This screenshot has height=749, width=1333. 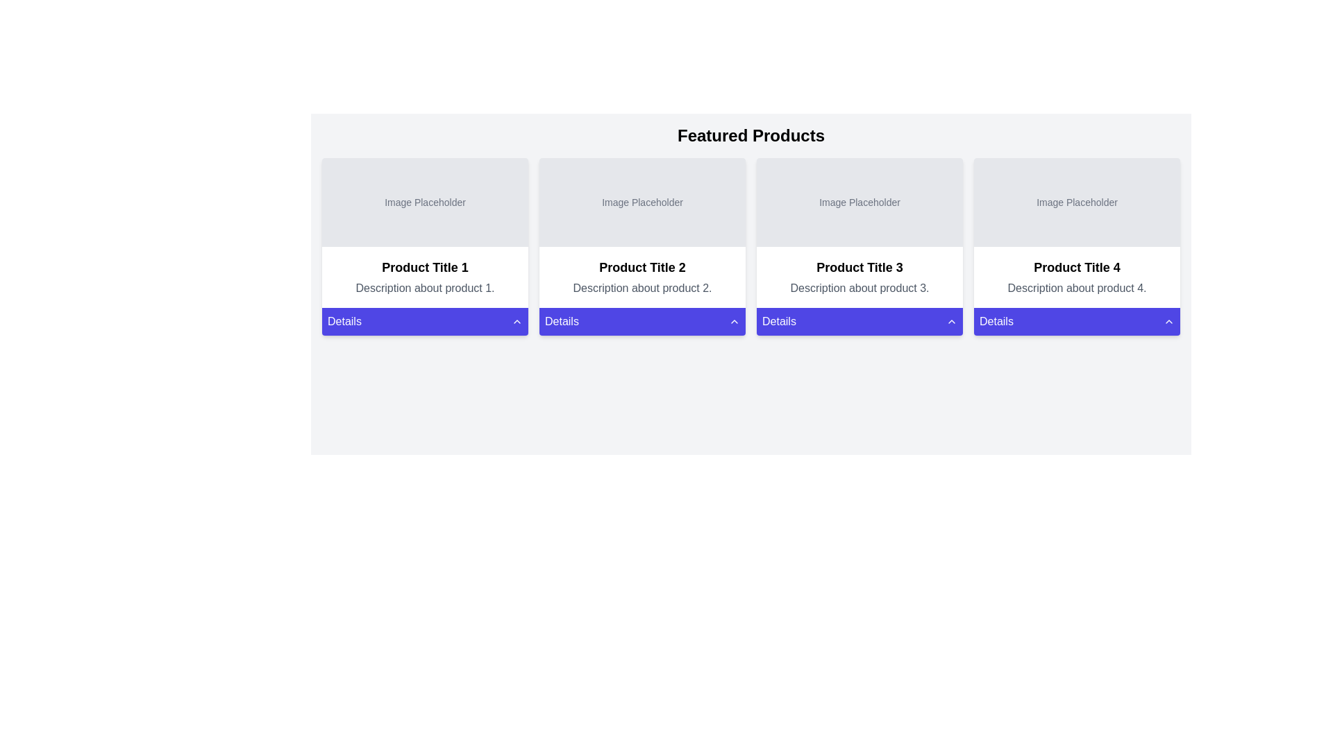 What do you see at coordinates (996, 321) in the screenshot?
I see `the text label located in the bottom section of the fourth card in a row of similar cards` at bounding box center [996, 321].